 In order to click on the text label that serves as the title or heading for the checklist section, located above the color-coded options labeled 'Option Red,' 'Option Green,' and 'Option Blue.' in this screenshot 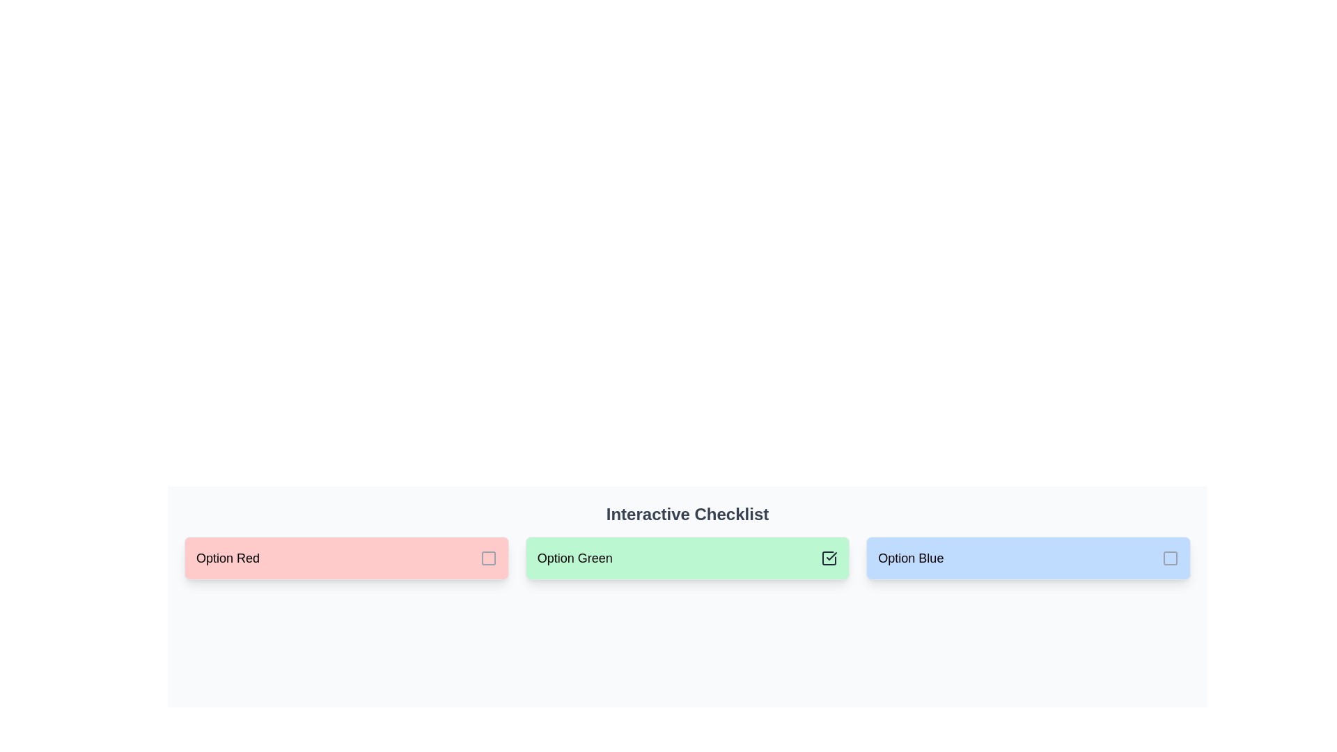, I will do `click(687, 515)`.